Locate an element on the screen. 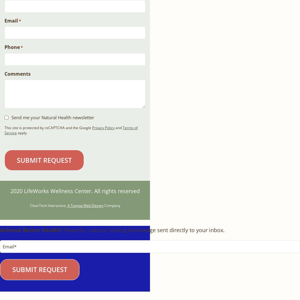 The image size is (300, 300). 'Privacy Policy' is located at coordinates (103, 127).